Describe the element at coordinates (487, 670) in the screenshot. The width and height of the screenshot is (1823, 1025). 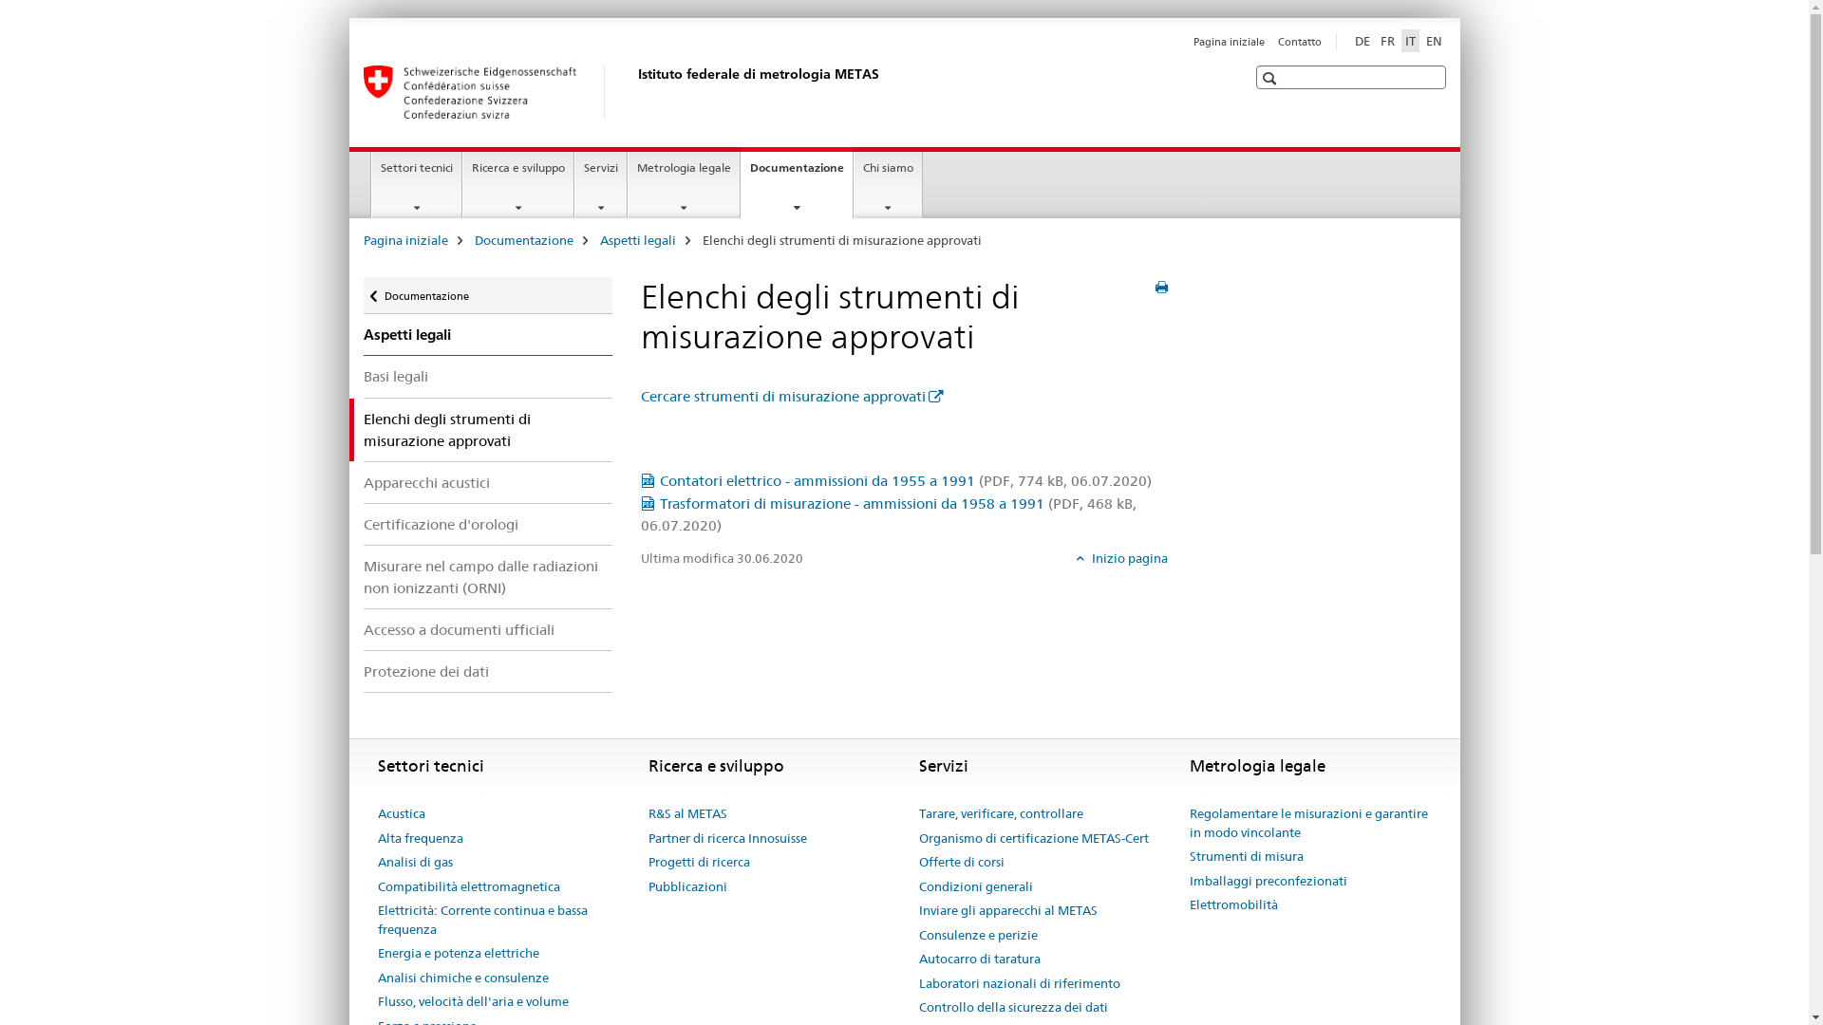
I see `'Protezione dei dati'` at that location.